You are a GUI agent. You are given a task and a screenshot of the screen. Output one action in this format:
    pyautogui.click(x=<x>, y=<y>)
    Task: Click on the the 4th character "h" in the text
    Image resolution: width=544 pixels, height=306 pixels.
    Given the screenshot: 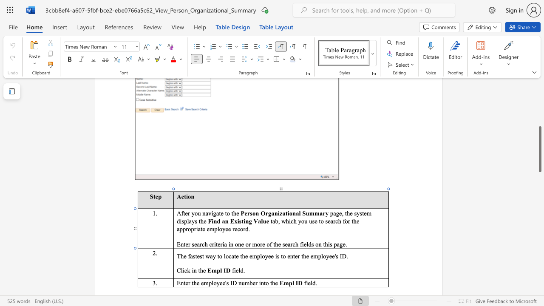 What is the action you would take?
    pyautogui.click(x=326, y=244)
    